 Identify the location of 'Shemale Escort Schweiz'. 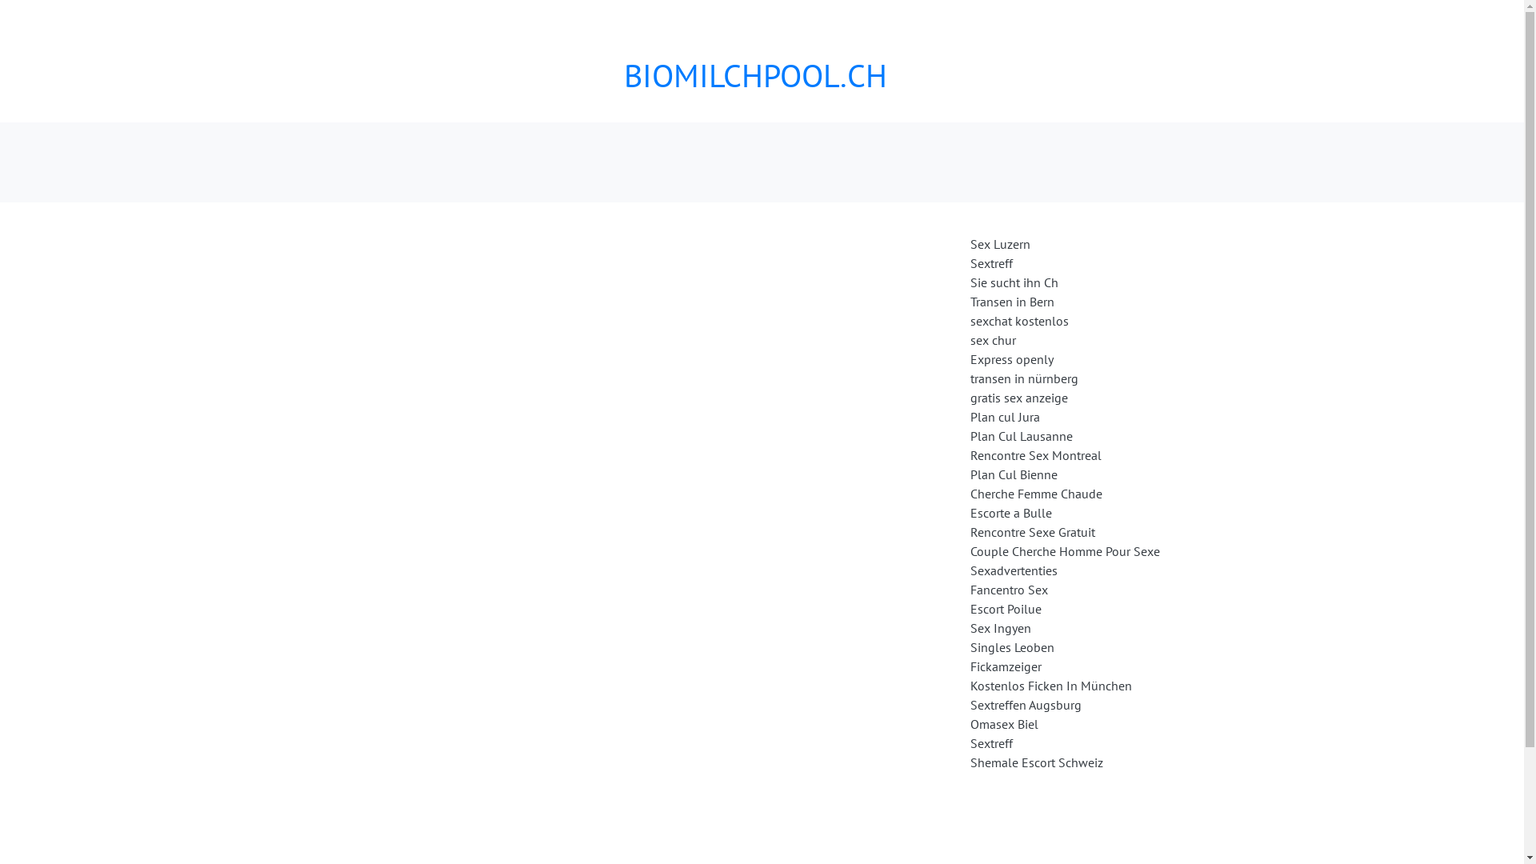
(1036, 761).